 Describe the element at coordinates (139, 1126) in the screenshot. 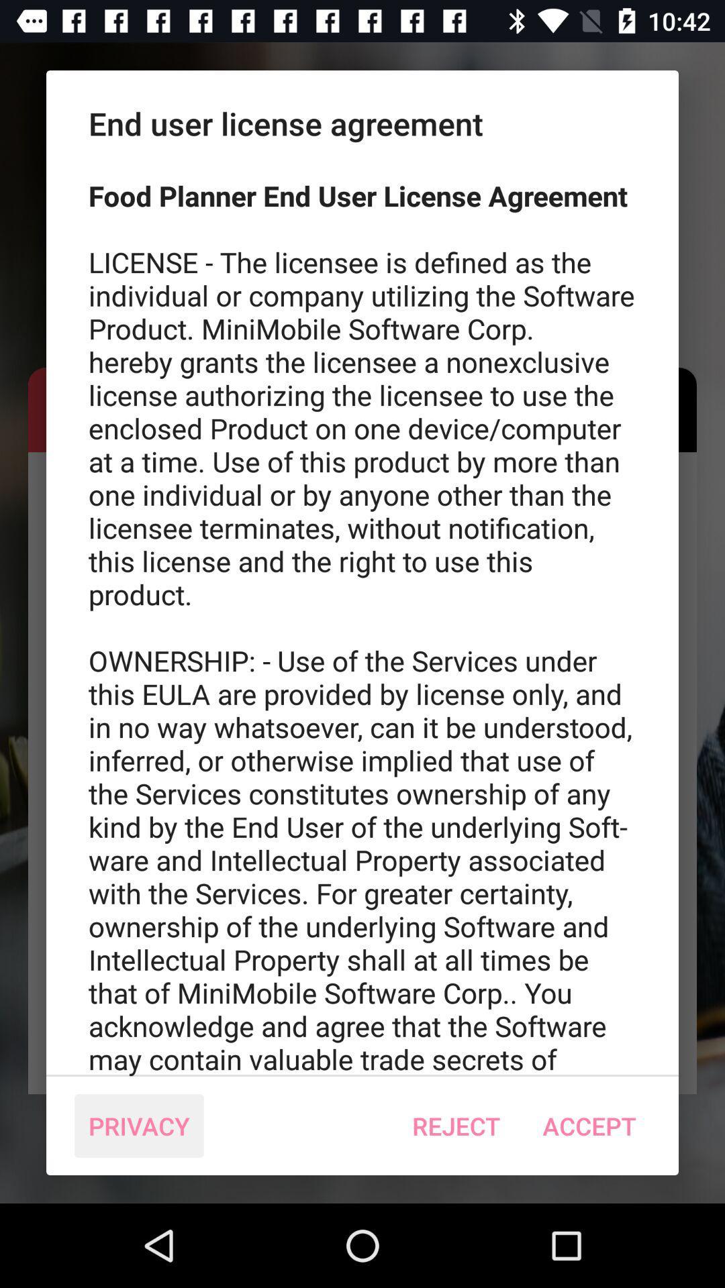

I see `the privacy icon` at that location.